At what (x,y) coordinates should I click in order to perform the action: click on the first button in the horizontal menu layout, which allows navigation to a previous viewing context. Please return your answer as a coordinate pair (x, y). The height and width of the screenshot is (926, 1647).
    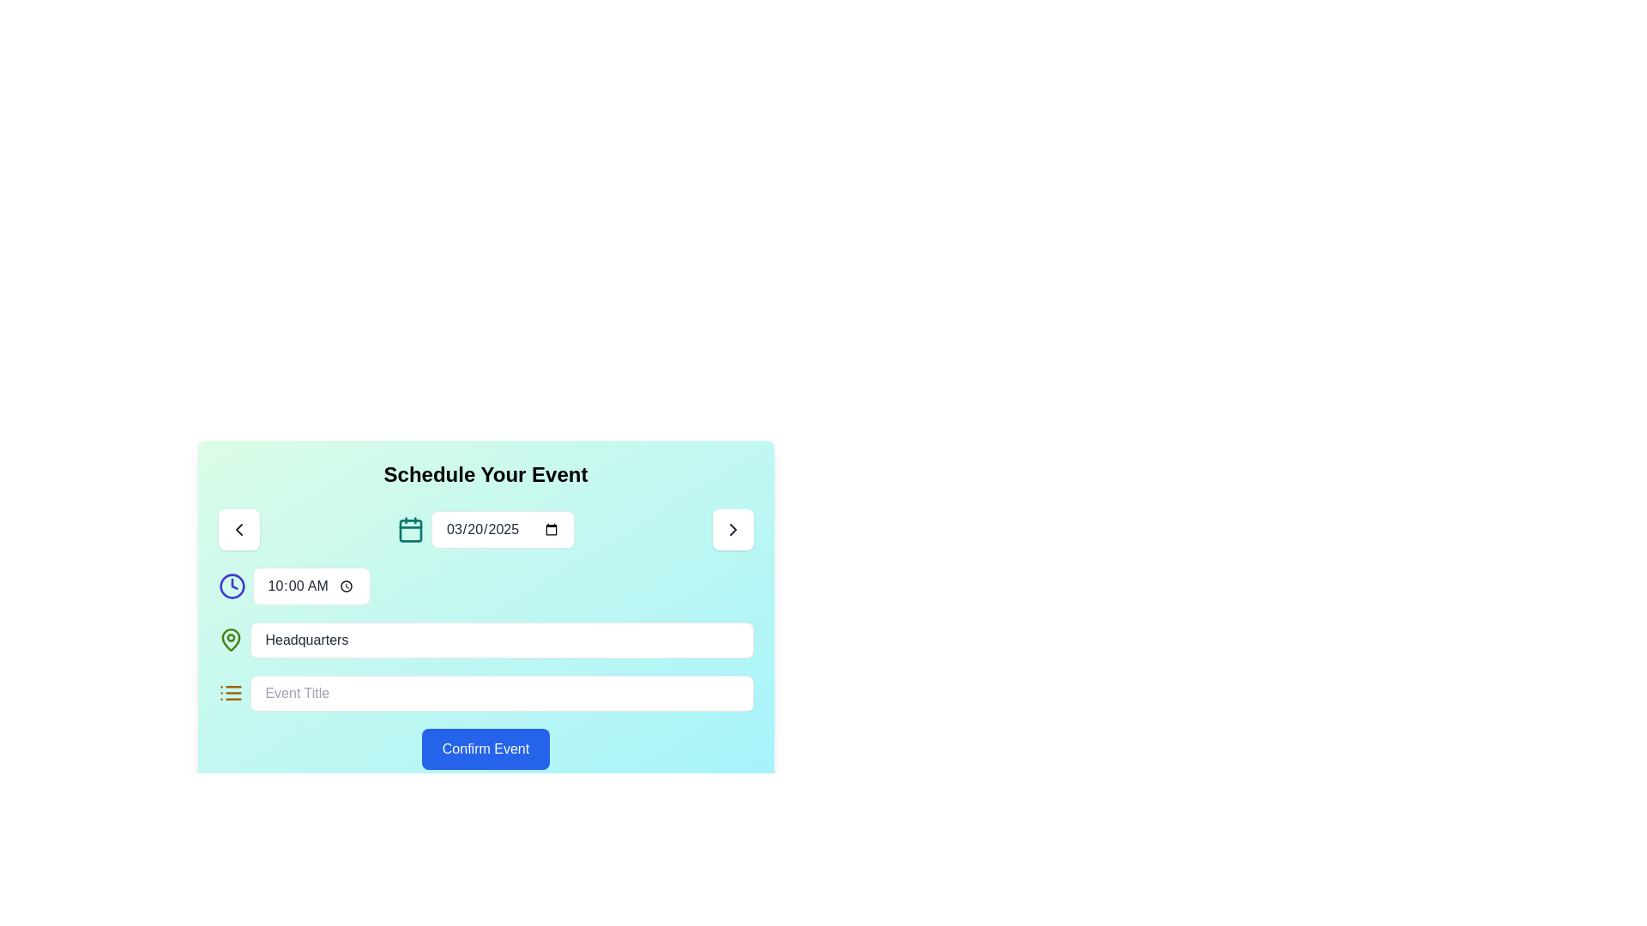
    Looking at the image, I should click on (238, 528).